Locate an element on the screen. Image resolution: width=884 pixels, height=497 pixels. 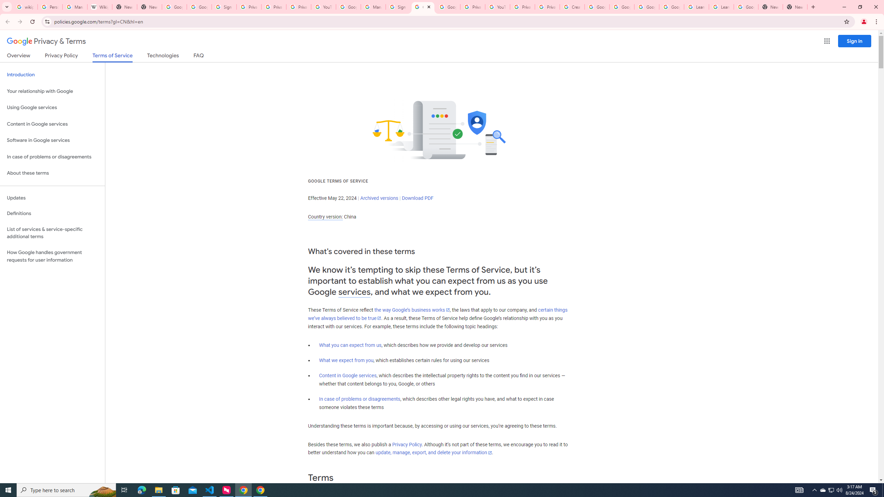
'Using Google services' is located at coordinates (52, 107).